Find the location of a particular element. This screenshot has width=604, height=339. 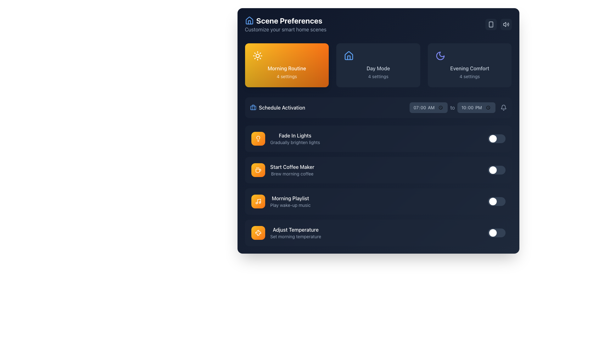

the icons in the interactive bar labeled 'Schedule Activation' is located at coordinates (378, 107).